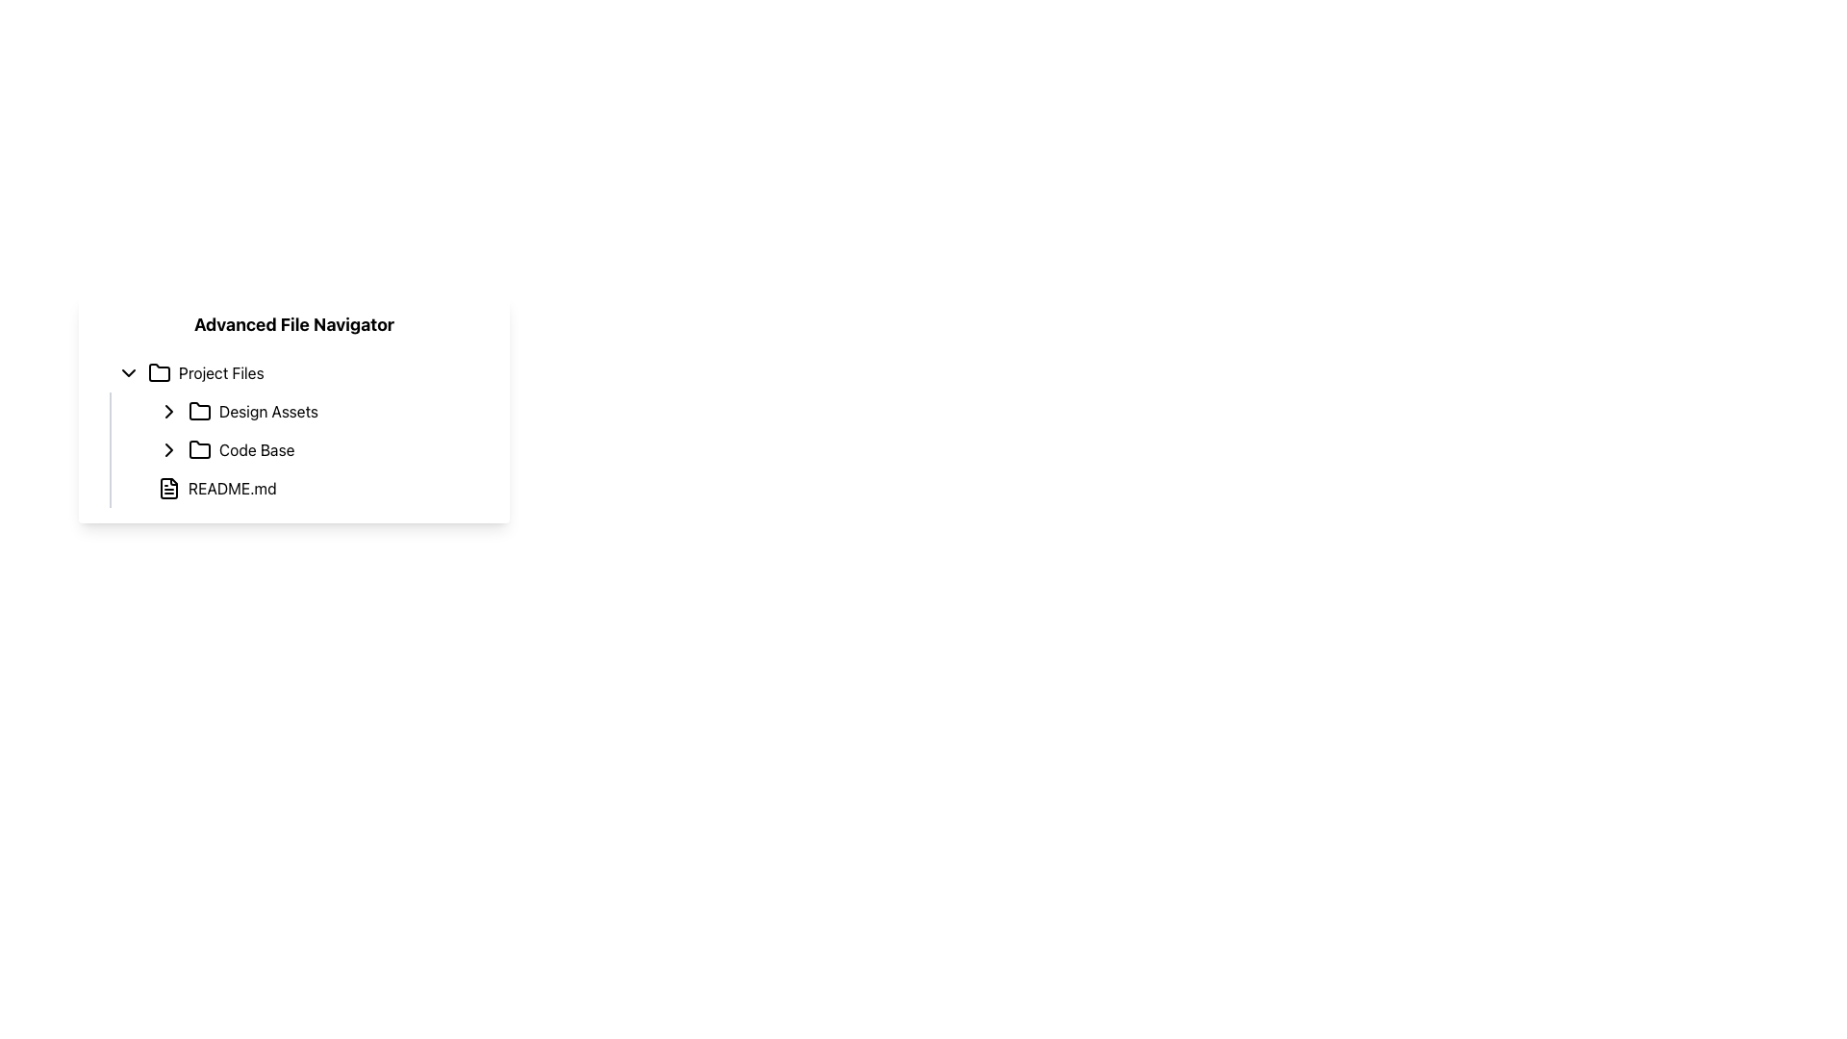  Describe the element at coordinates (169, 488) in the screenshot. I see `the document icon beside the text 'README.md' in the 'Advanced File Navigator' module` at that location.